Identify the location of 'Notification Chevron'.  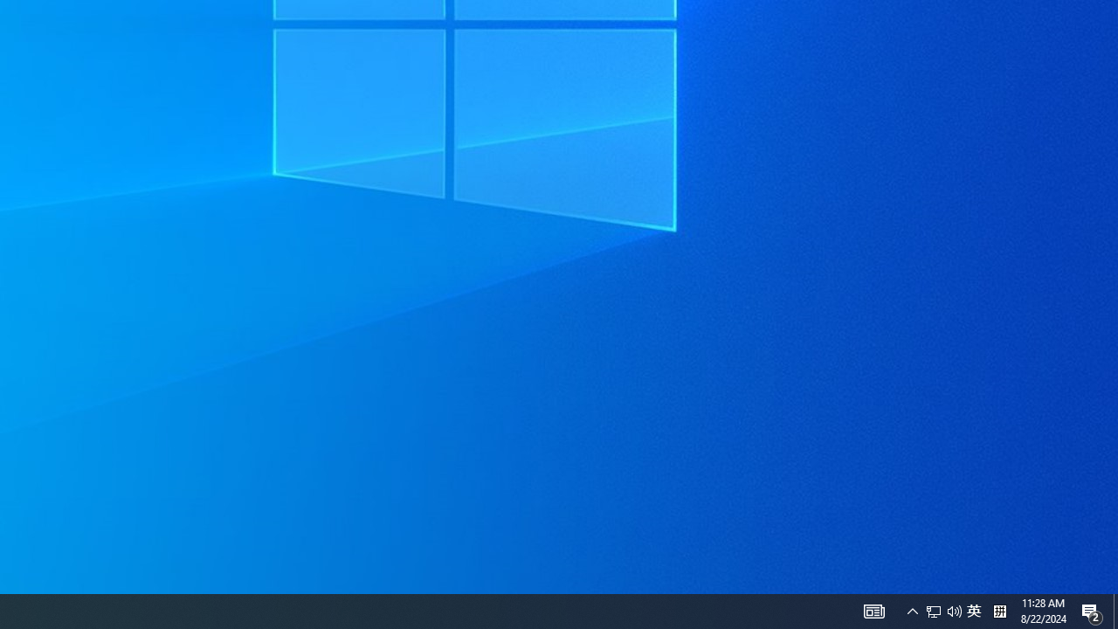
(954, 610).